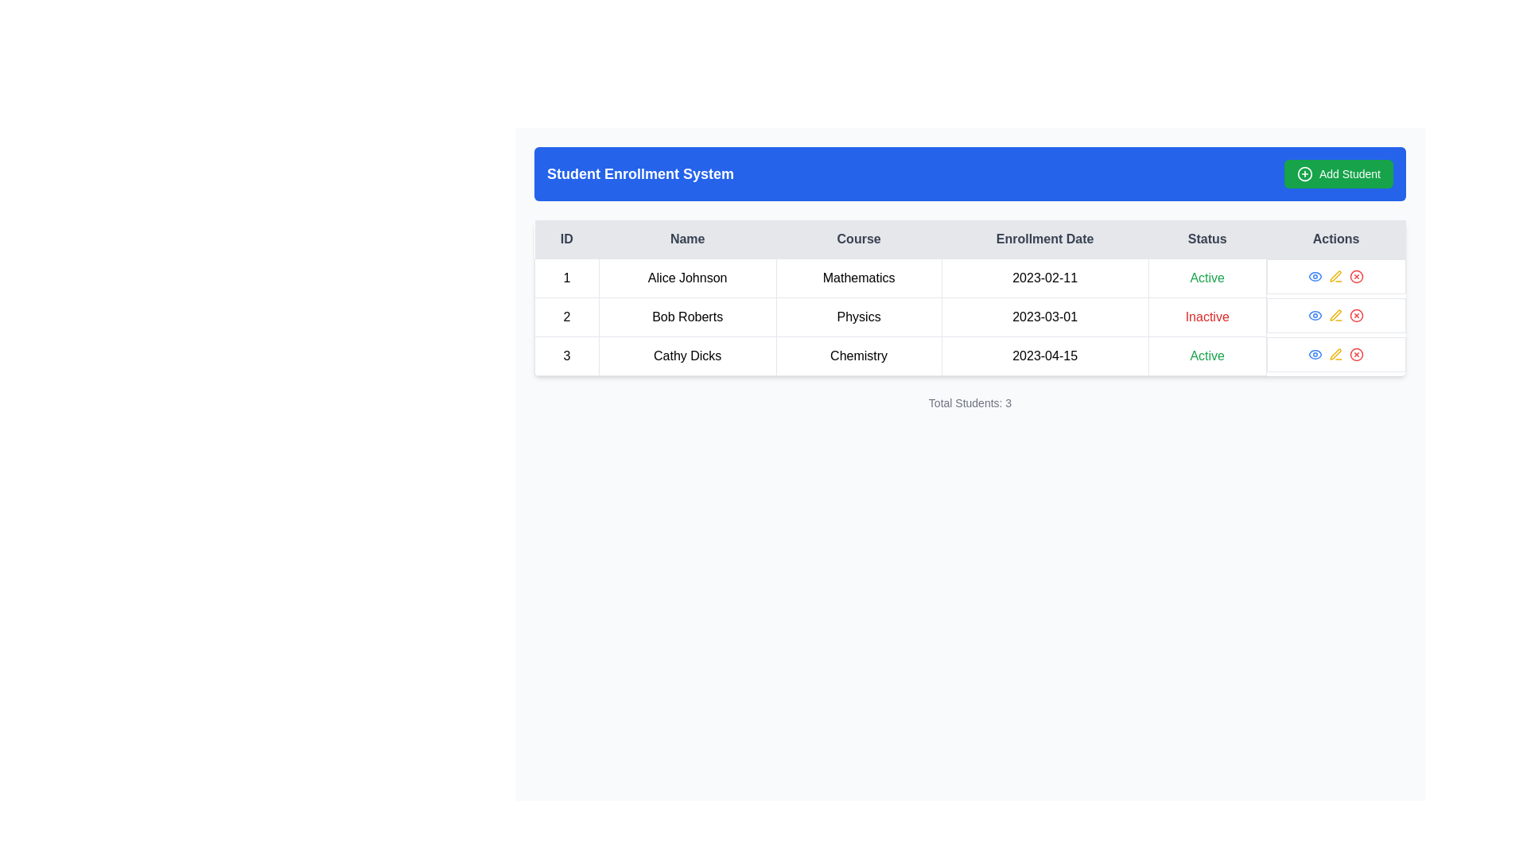 This screenshot has width=1527, height=859. What do you see at coordinates (687, 317) in the screenshot?
I see `the static text element displaying the name 'Bob Roberts', located under the 'Name' column in the second row of the table` at bounding box center [687, 317].